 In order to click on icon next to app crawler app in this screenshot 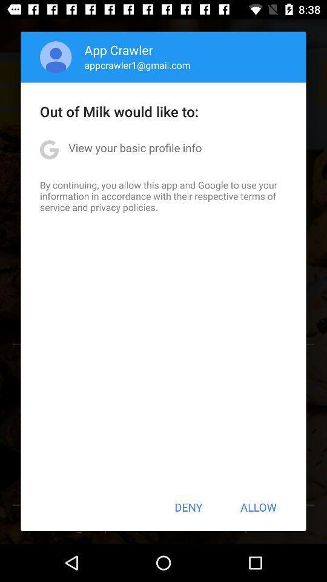, I will do `click(55, 57)`.